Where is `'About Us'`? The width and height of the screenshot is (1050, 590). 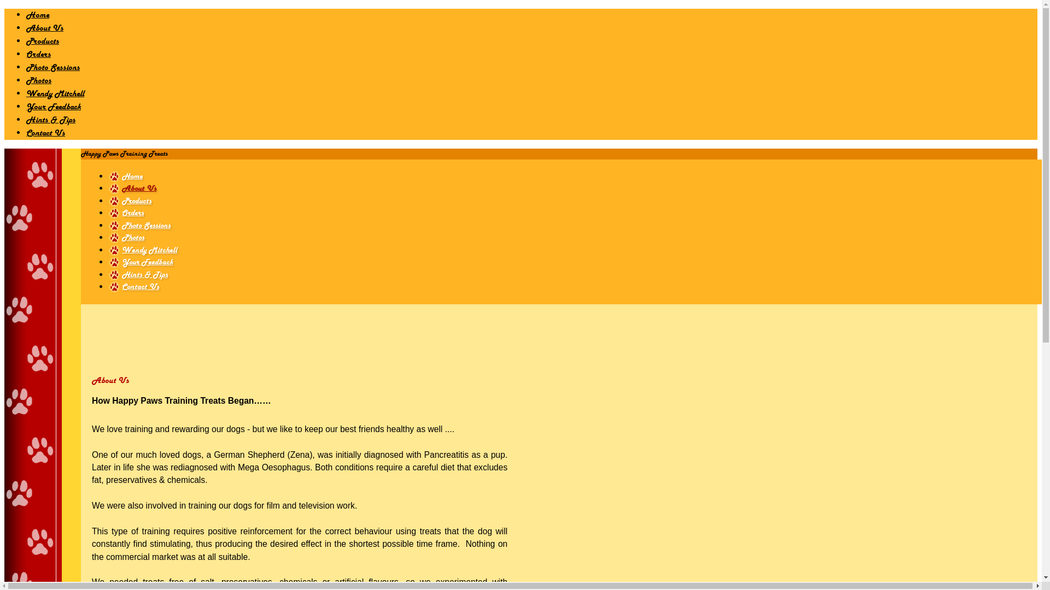 'About Us' is located at coordinates (44, 27).